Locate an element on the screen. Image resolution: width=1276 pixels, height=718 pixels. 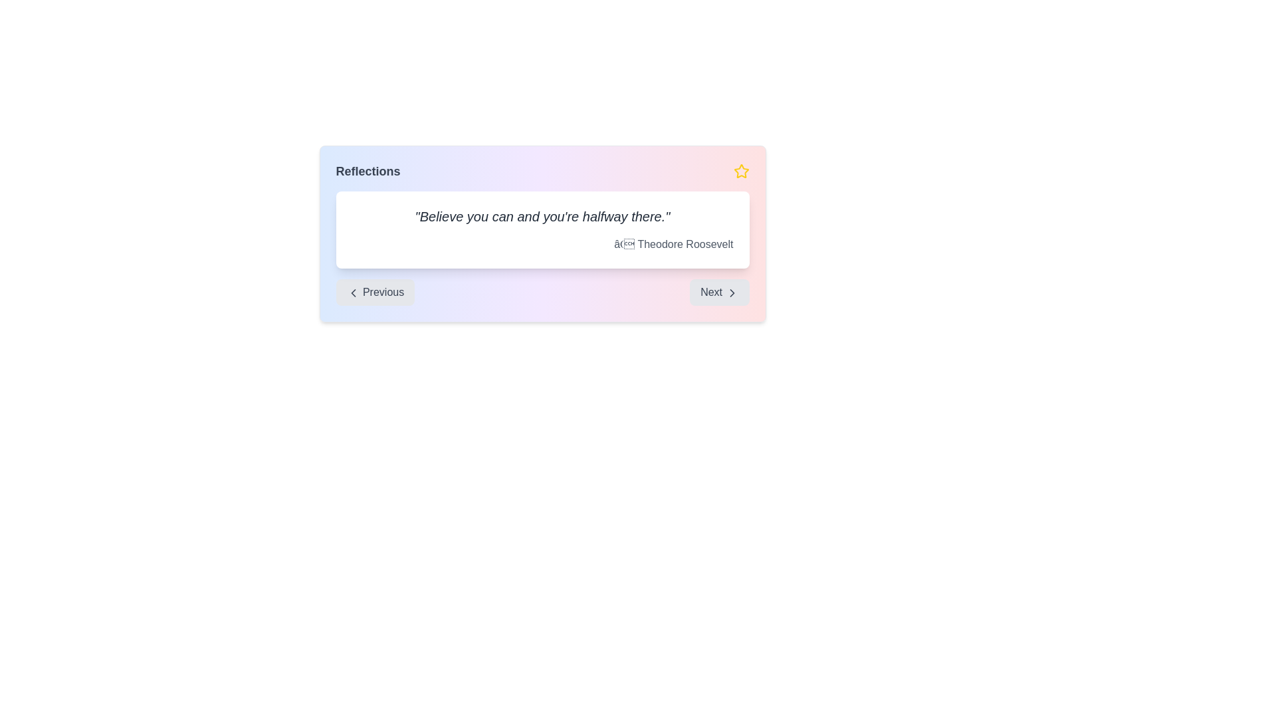
the bold gray text label displaying 'Reflections' located at the top-left of the card-like structure is located at coordinates (368, 171).